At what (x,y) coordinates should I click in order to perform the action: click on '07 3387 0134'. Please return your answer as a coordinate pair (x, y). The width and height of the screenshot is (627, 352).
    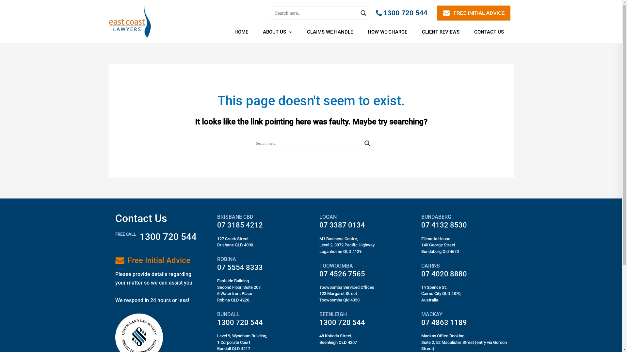
    Looking at the image, I should click on (342, 225).